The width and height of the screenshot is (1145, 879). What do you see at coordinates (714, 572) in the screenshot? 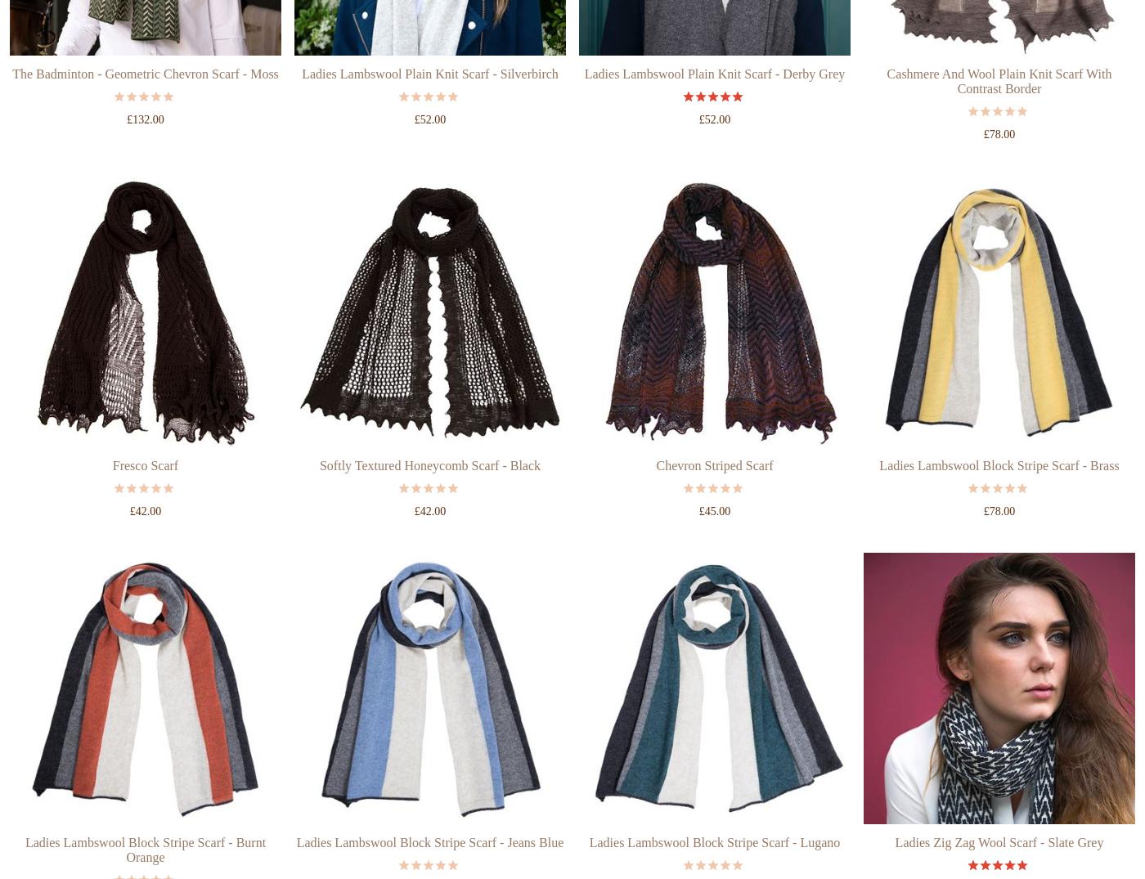
I see `'£45.00'` at bounding box center [714, 572].